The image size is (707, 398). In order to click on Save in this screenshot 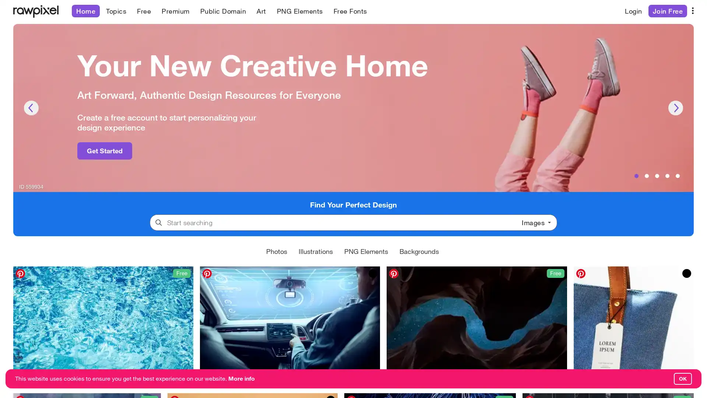, I will do `click(398, 379)`.